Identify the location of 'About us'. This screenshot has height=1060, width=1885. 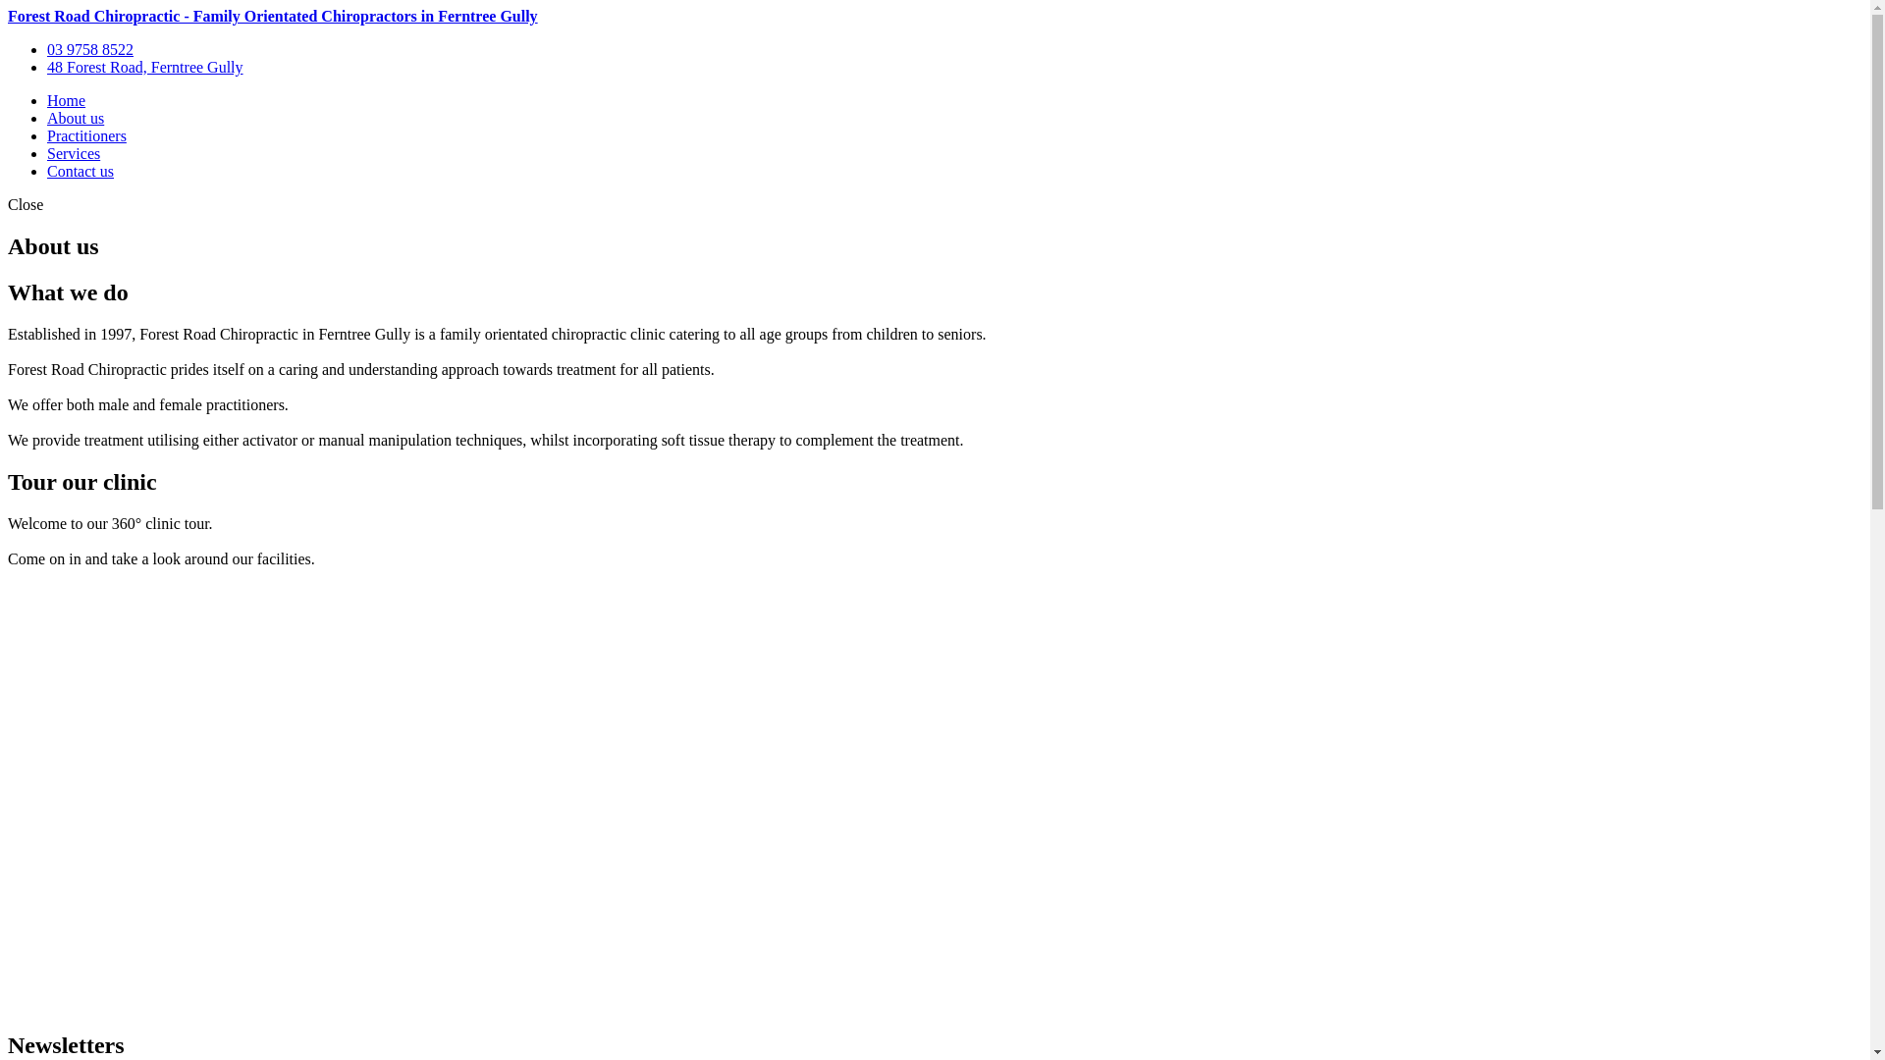
(75, 118).